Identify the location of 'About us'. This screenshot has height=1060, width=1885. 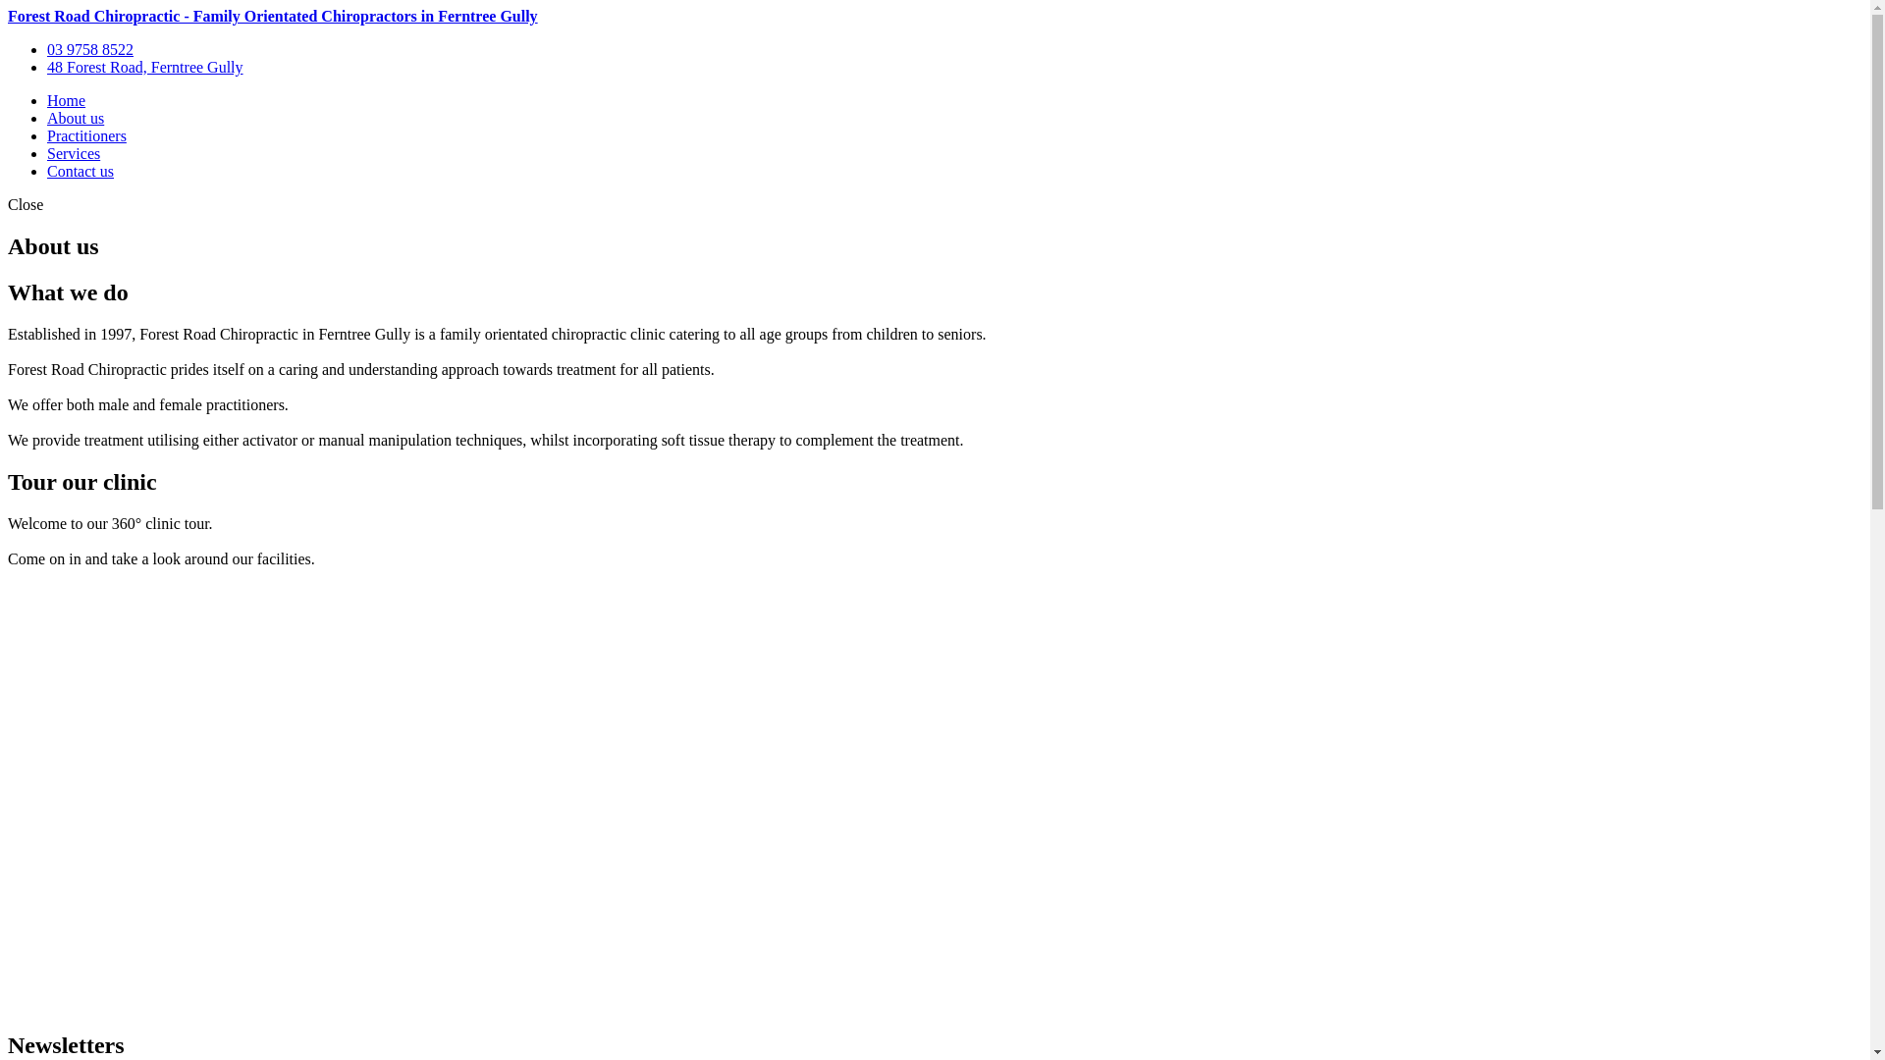
(75, 118).